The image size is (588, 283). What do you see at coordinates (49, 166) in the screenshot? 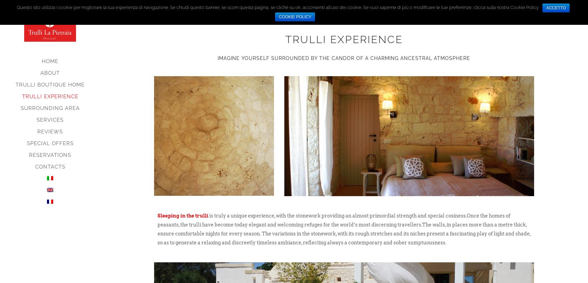
I see `'Contacts'` at bounding box center [49, 166].